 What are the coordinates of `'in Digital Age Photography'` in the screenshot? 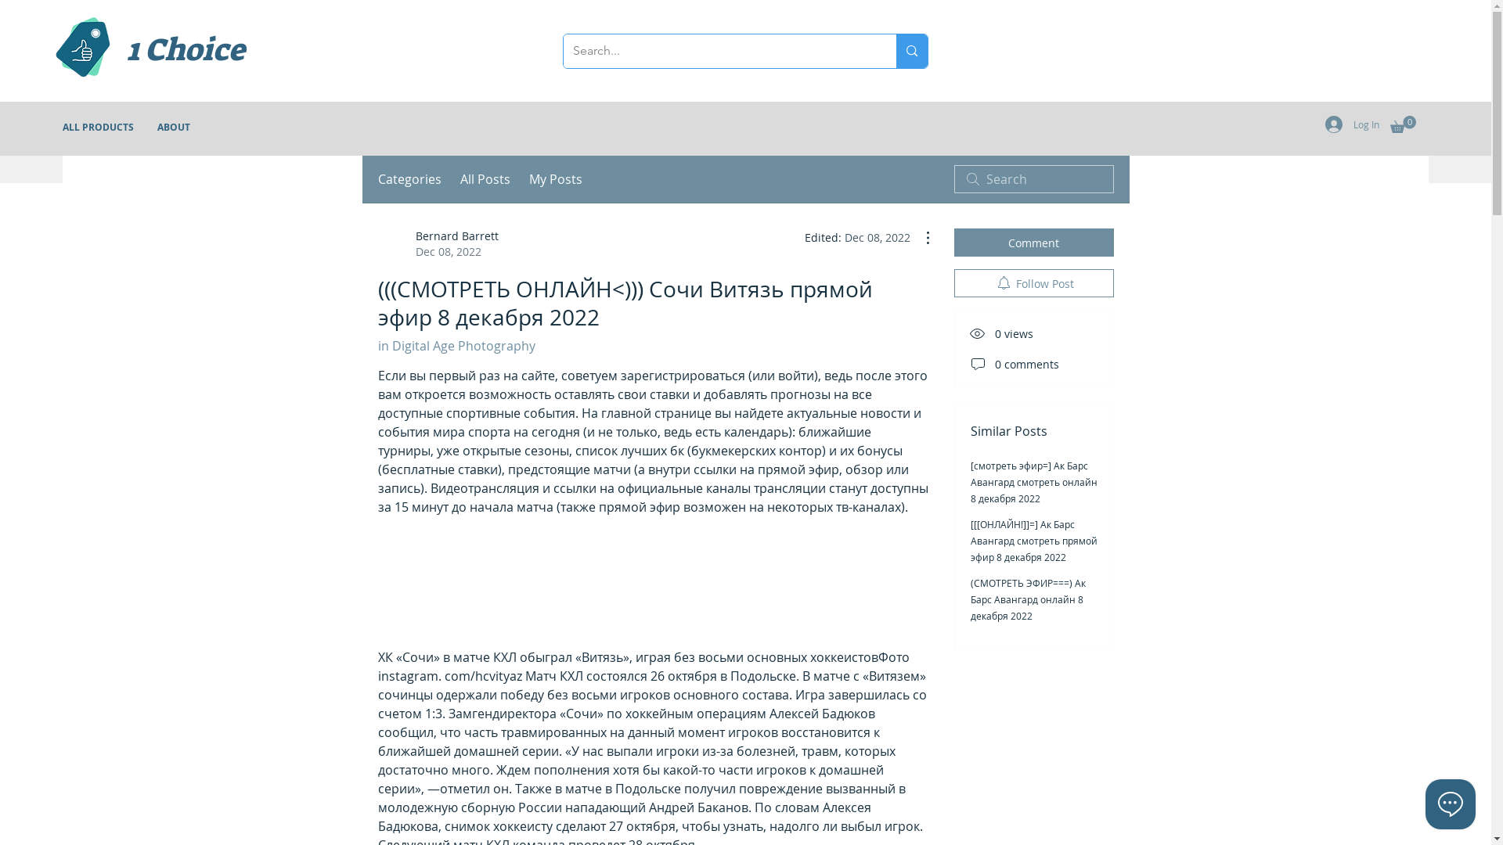 It's located at (377, 345).